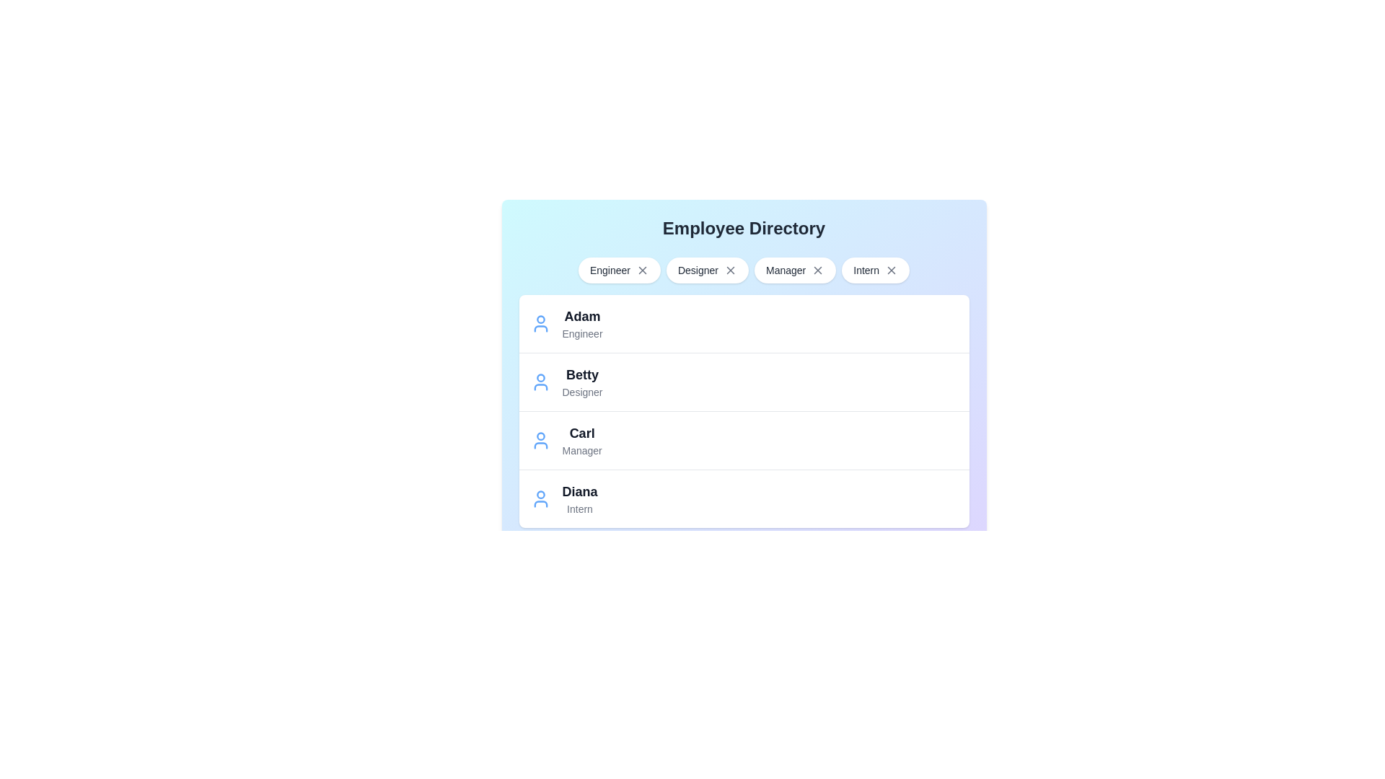  What do you see at coordinates (891, 270) in the screenshot?
I see `close button next to the role Intern to remove it` at bounding box center [891, 270].